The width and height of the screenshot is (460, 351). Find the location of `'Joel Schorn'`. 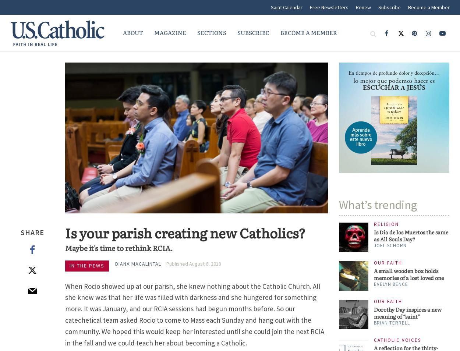

'Joel Schorn' is located at coordinates (390, 245).